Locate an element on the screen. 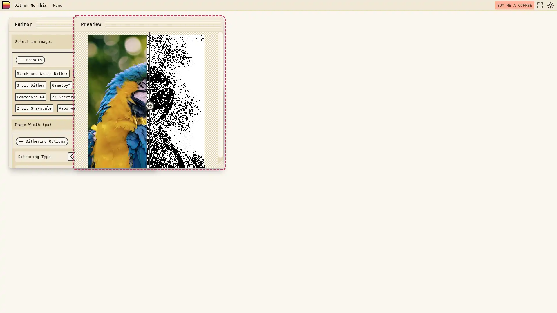  Color Palette is located at coordinates (37, 191).